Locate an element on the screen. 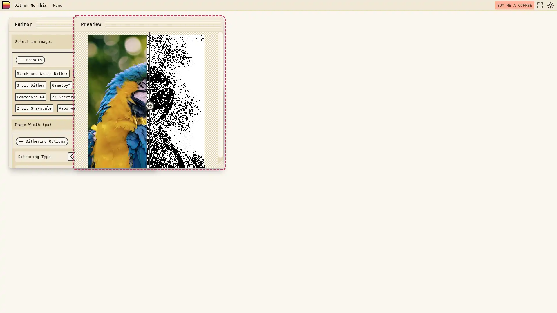  Color Palette is located at coordinates (37, 191).